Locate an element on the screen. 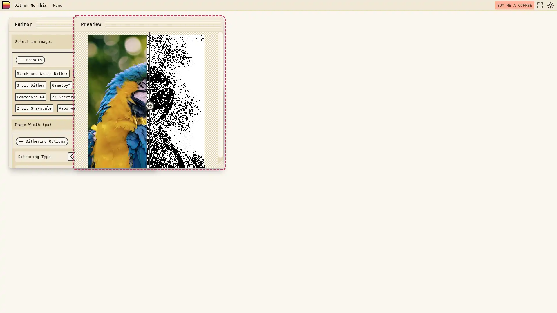  Color Palette is located at coordinates (37, 191).